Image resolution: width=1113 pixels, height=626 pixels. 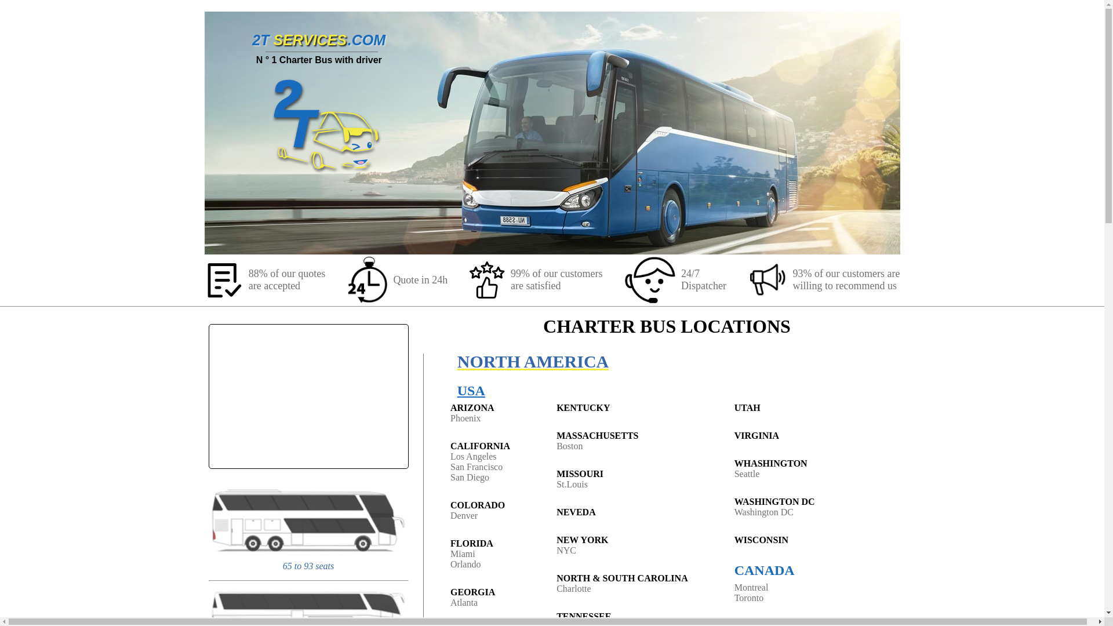 I want to click on 'WASHINGTON DC', so click(x=774, y=501).